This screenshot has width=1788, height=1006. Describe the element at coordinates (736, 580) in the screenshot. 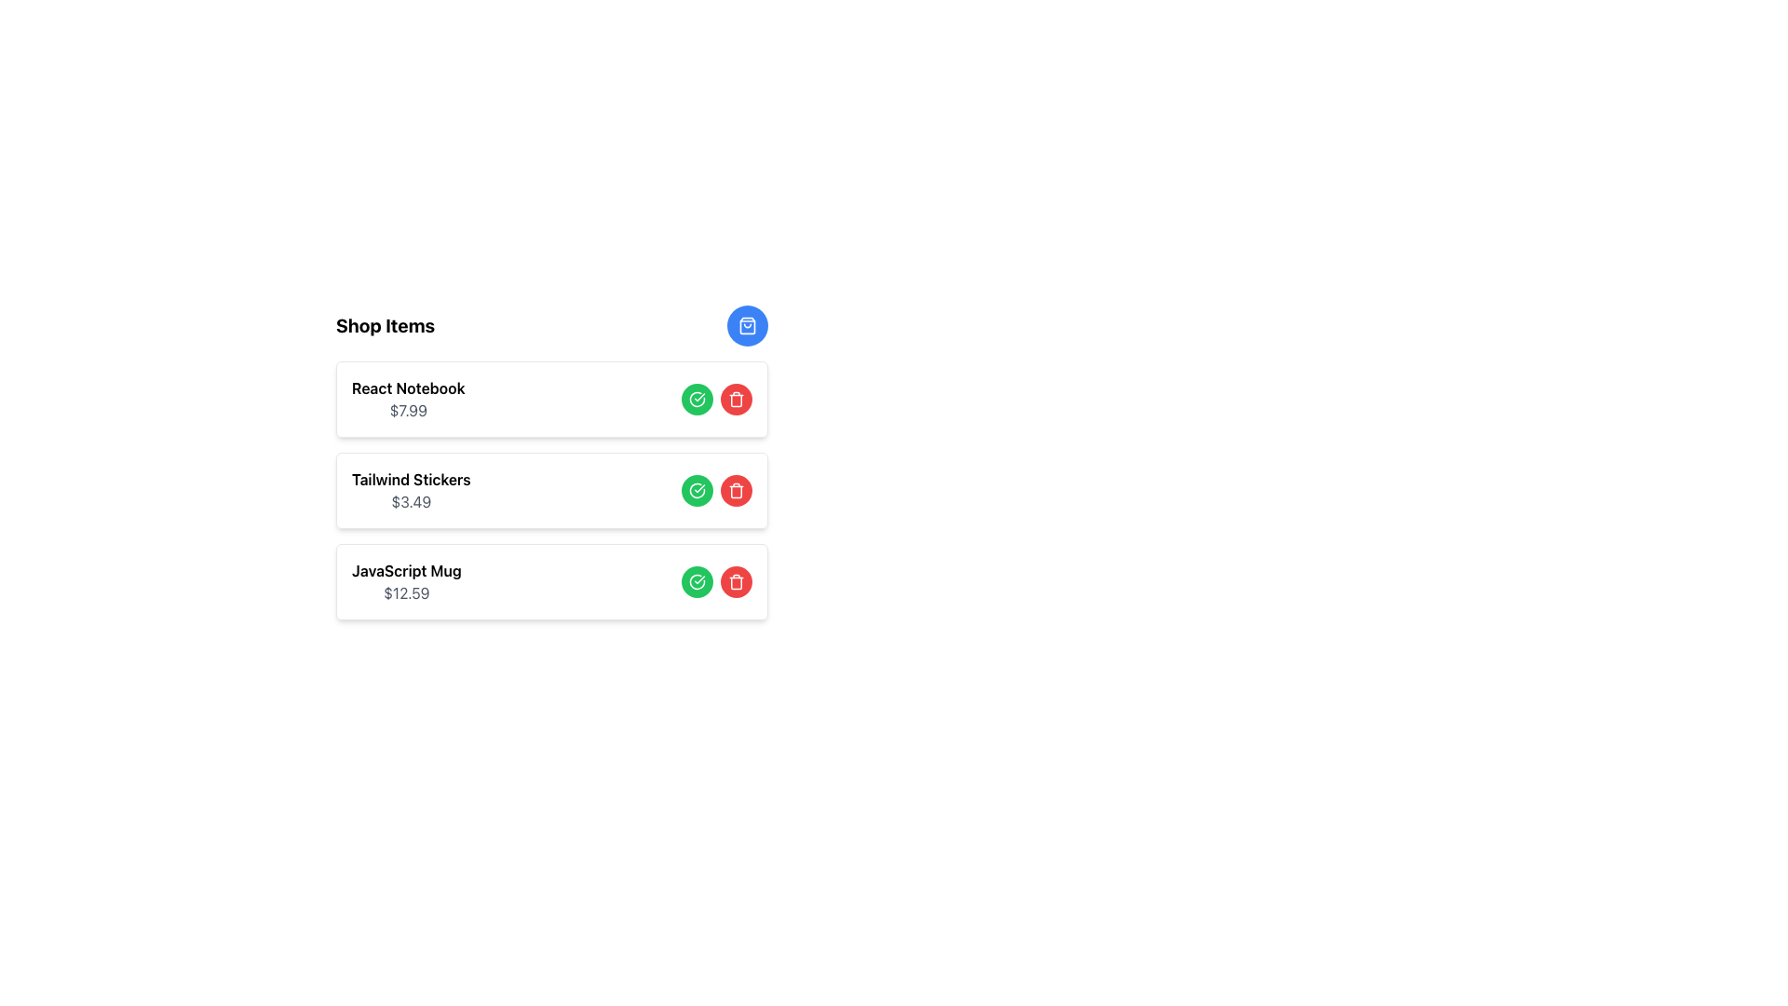

I see `the small circular red button with a white trash icon, which is the second button to the right of the green circular button with a checkmark icon, to observe any tooltip or interaction effect` at that location.